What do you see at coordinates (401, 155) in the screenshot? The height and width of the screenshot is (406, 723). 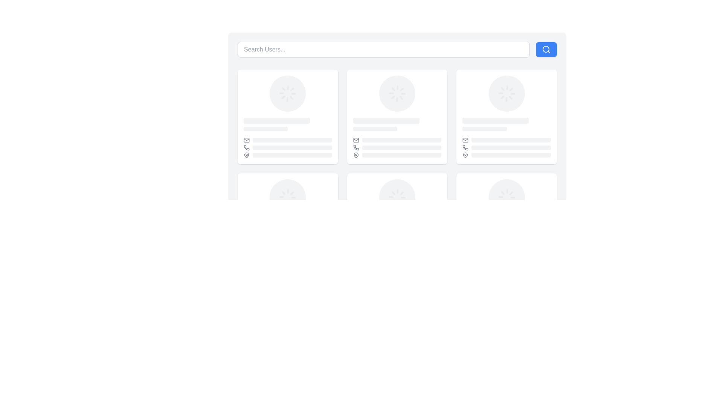 I see `the visual placeholder/loading bar component, which is a horizontal bar with a gray background and rounded edges, designed to indicate loading with a pulsing animation` at bounding box center [401, 155].